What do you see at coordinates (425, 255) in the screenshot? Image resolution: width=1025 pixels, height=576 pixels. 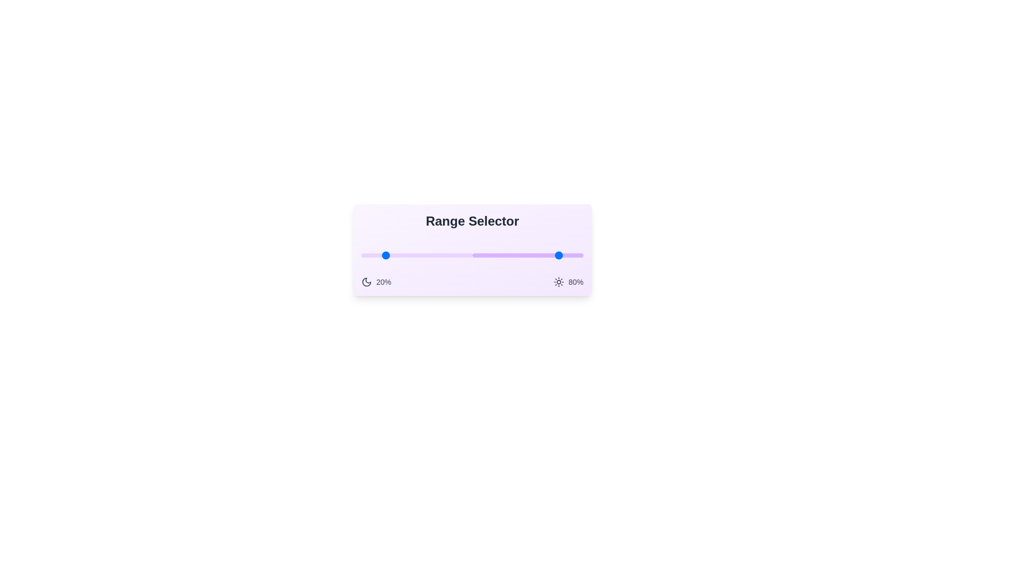 I see `the lower bound of the range to 58% by dragging the left slider` at bounding box center [425, 255].